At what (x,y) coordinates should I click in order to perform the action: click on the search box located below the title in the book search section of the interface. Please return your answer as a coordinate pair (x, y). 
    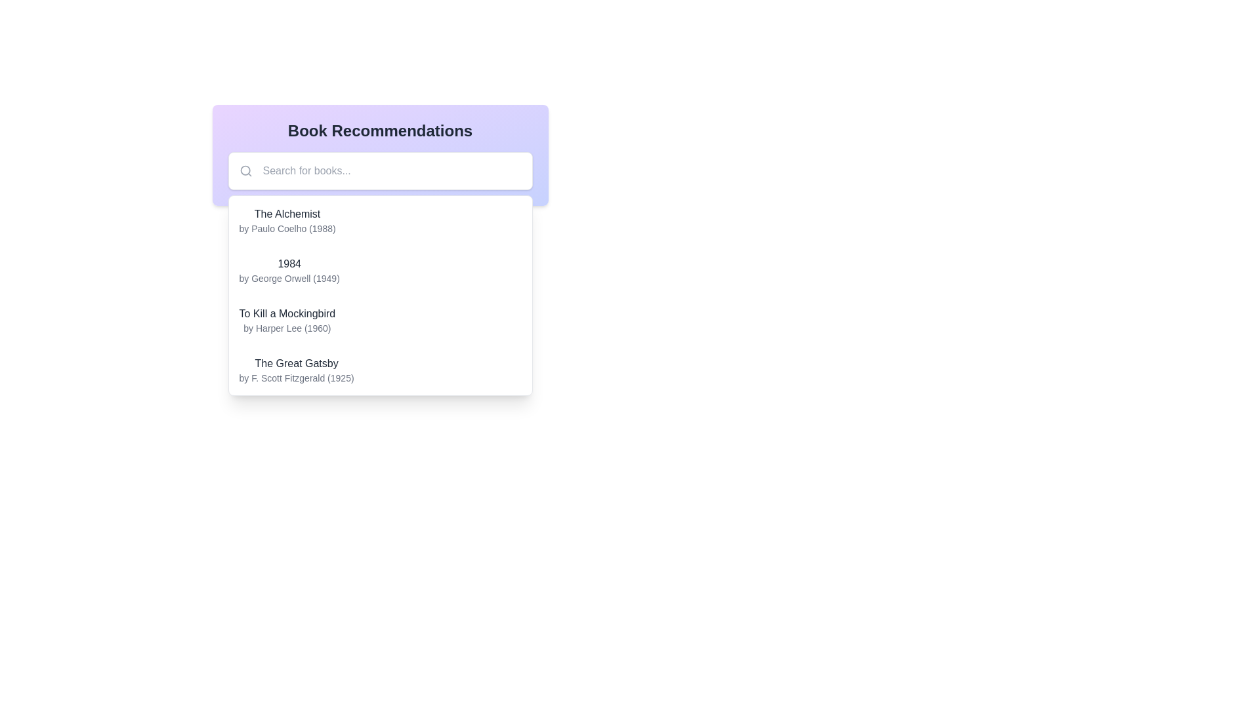
    Looking at the image, I should click on (379, 154).